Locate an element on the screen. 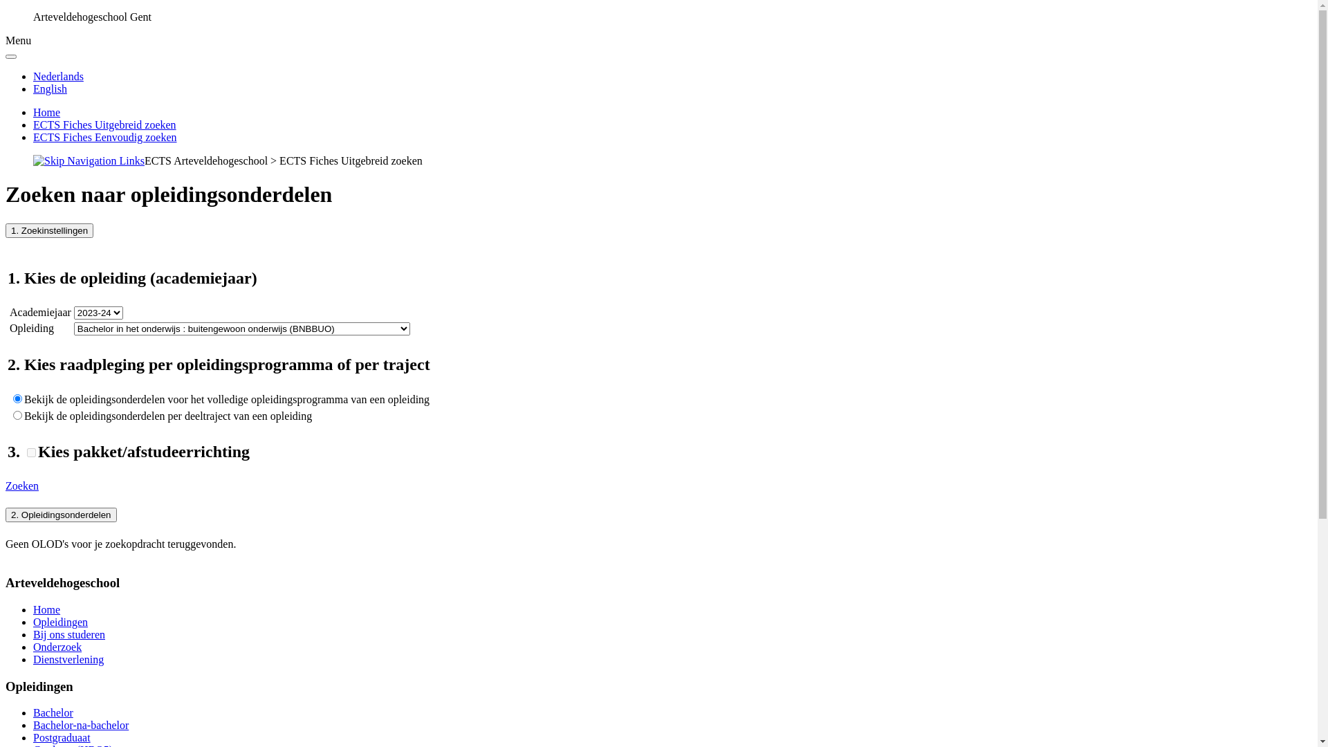  'ECTS Arteveldehogeschool' is located at coordinates (205, 160).